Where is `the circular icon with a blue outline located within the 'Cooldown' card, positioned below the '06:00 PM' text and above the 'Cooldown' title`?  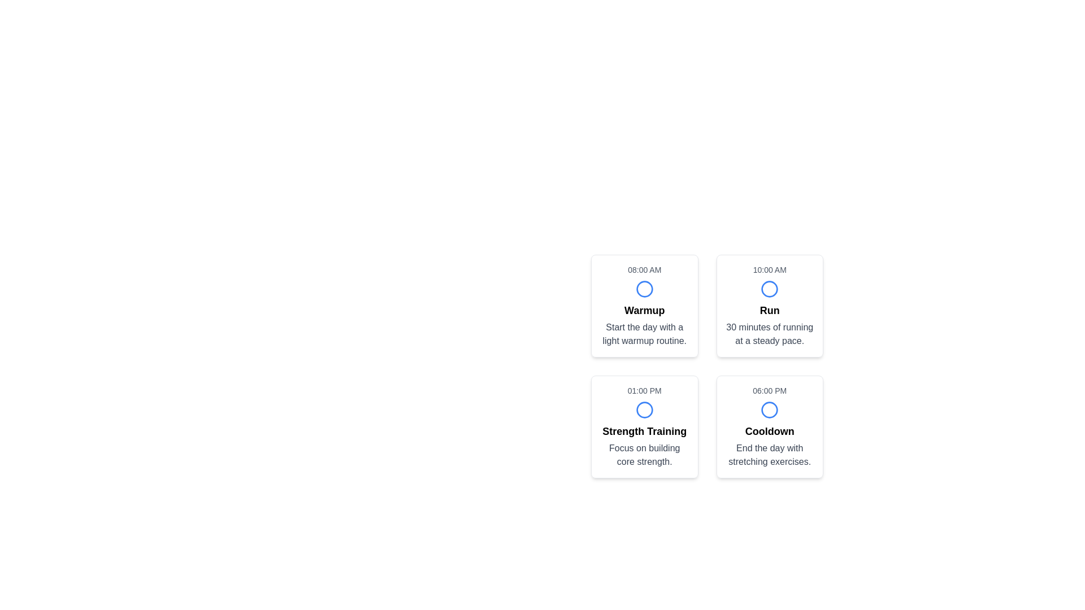 the circular icon with a blue outline located within the 'Cooldown' card, positioned below the '06:00 PM' text and above the 'Cooldown' title is located at coordinates (769, 409).